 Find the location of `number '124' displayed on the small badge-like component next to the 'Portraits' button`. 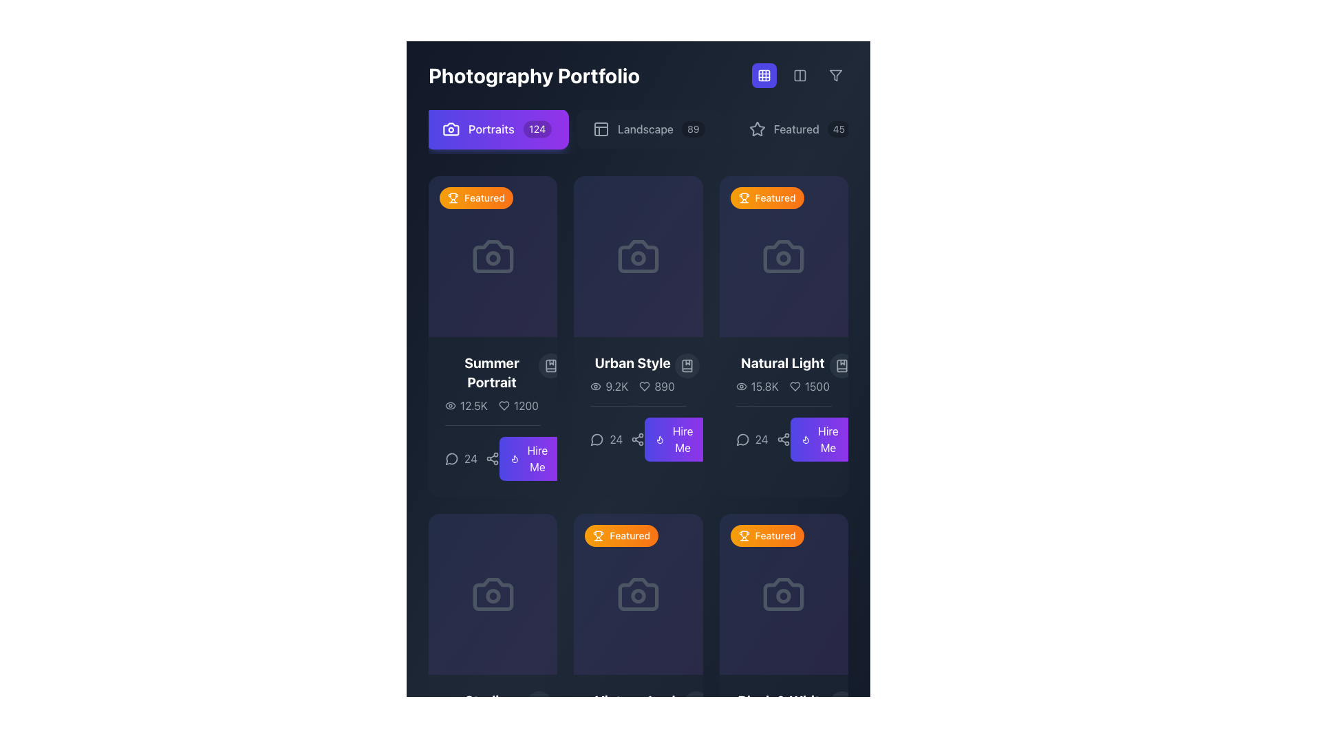

number '124' displayed on the small badge-like component next to the 'Portraits' button is located at coordinates (537, 129).